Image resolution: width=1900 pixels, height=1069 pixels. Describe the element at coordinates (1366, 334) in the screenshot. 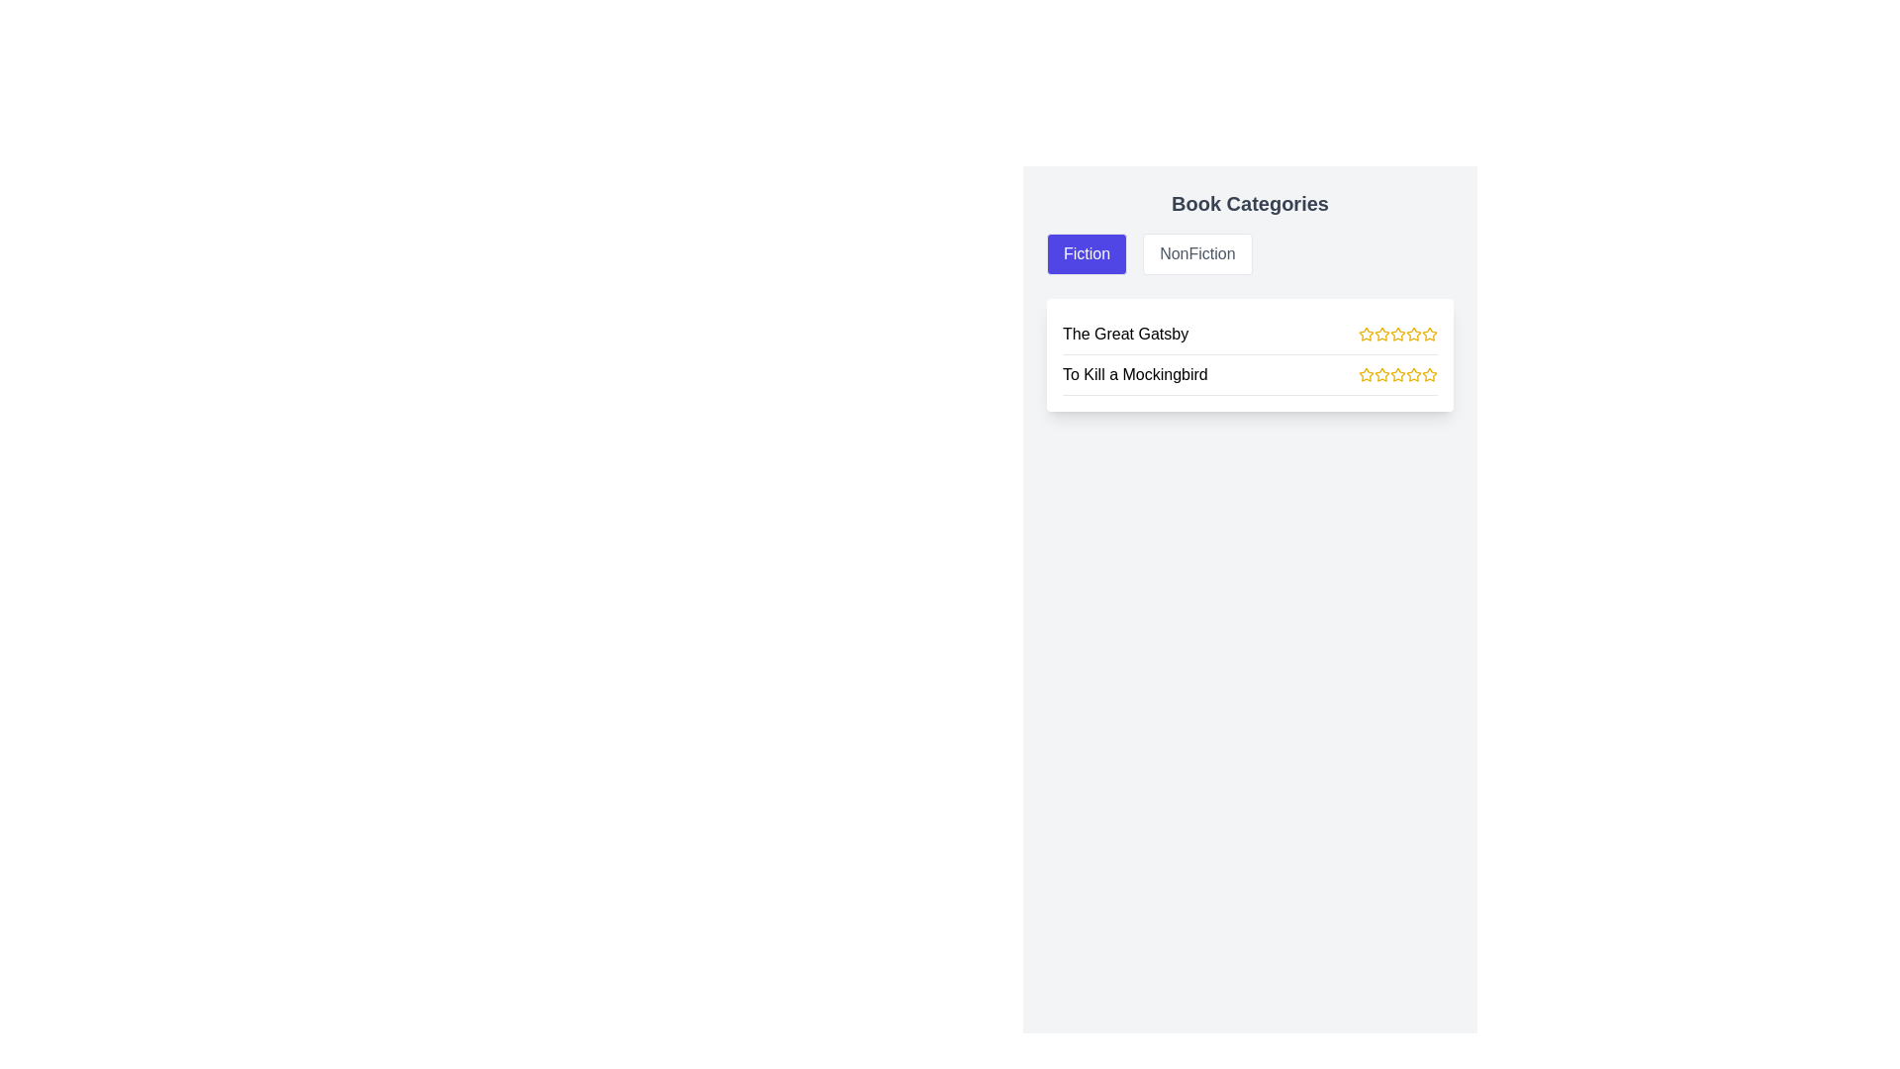

I see `the first yellow star-shaped rating icon next to the text 'The Great Gatsby' under the 'Fiction' tab to rate it` at that location.